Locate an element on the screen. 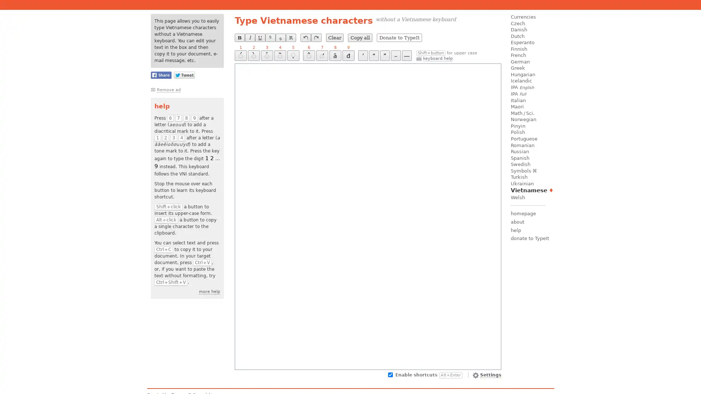 This screenshot has width=701, height=394. 3 is located at coordinates (266, 55).